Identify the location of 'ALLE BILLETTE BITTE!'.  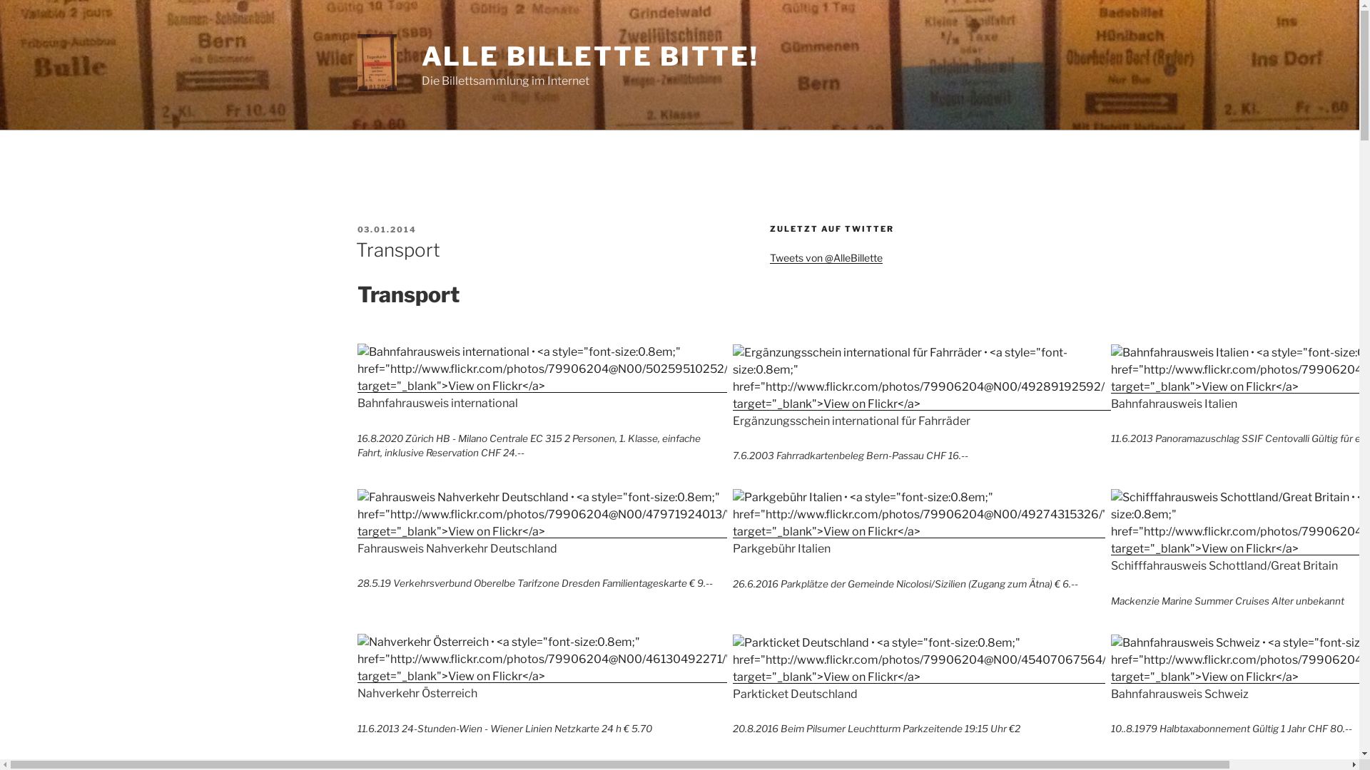
(591, 55).